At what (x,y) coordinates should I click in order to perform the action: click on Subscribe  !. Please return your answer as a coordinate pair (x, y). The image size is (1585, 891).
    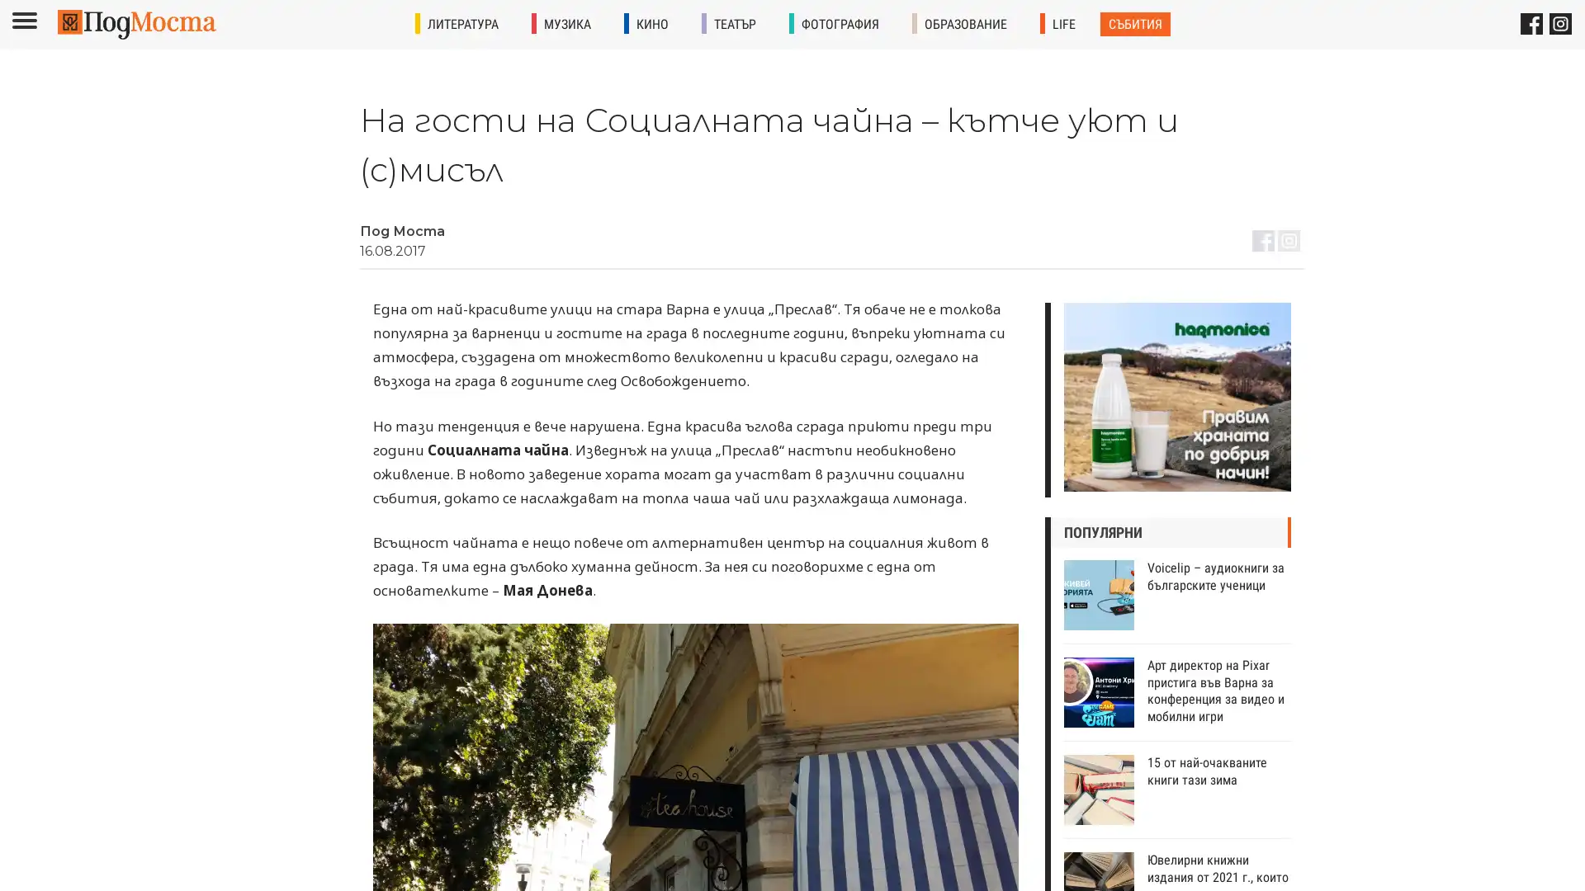
    Looking at the image, I should click on (920, 605).